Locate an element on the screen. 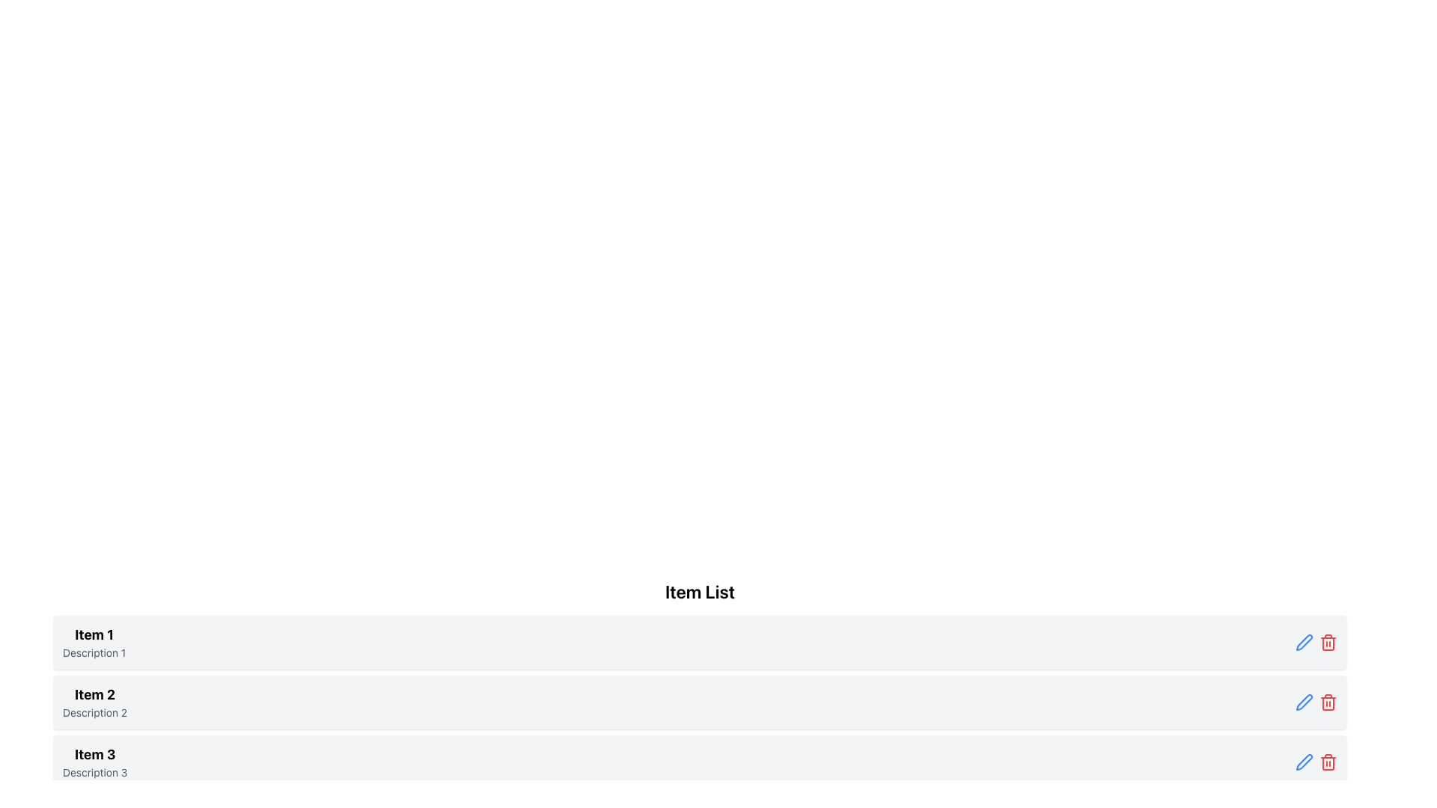 Image resolution: width=1437 pixels, height=808 pixels. the delete button located at the right end of the third list item, which is grouped with other icons including a blue edit pencil icon, using keyboard navigation is located at coordinates (1328, 702).